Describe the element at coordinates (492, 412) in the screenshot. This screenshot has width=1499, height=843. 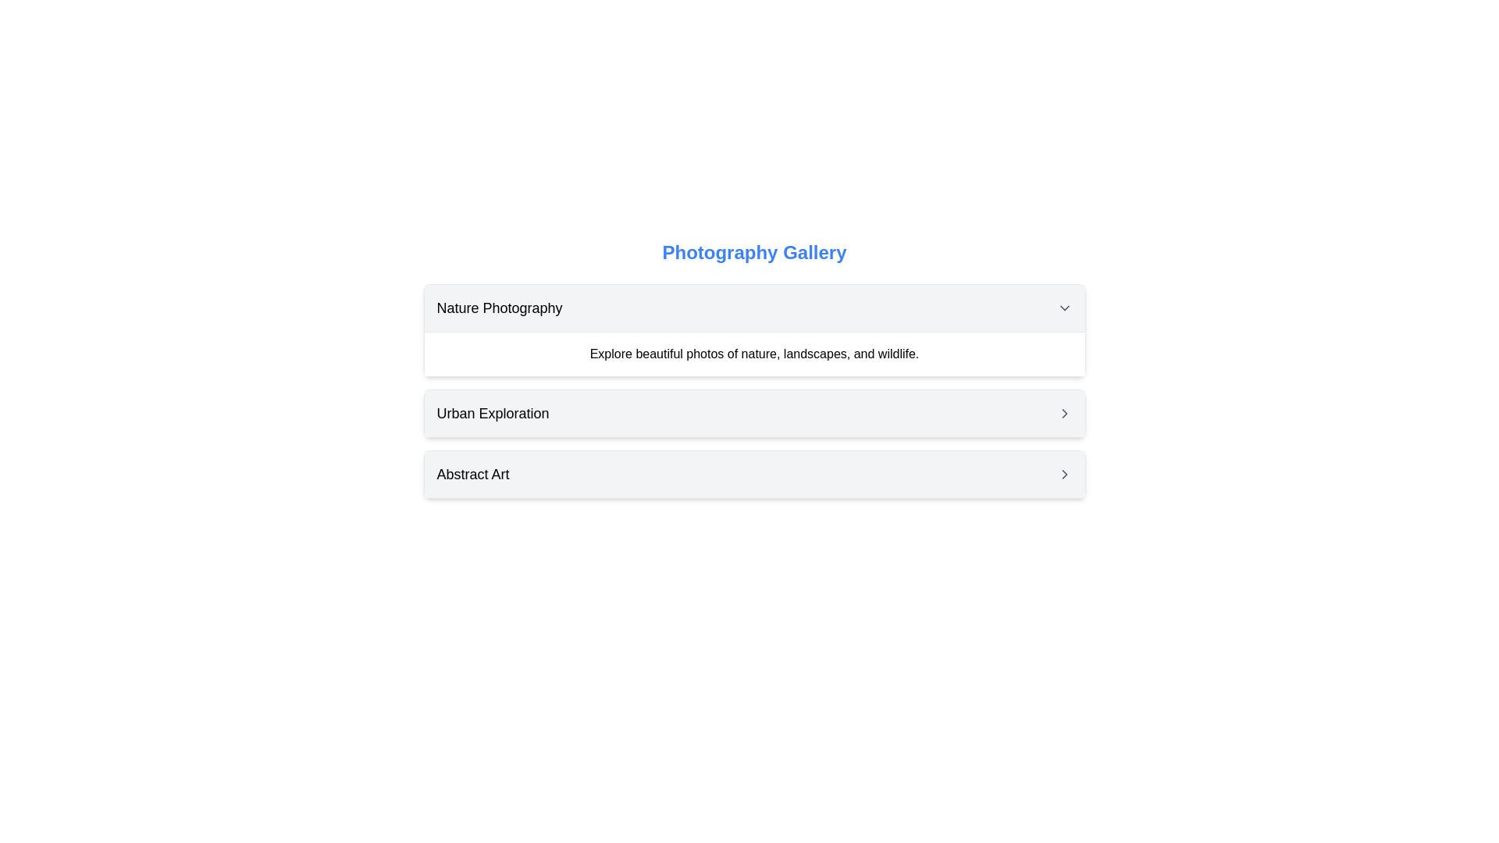
I see `the bolded text label 'Urban Exploration'` at that location.